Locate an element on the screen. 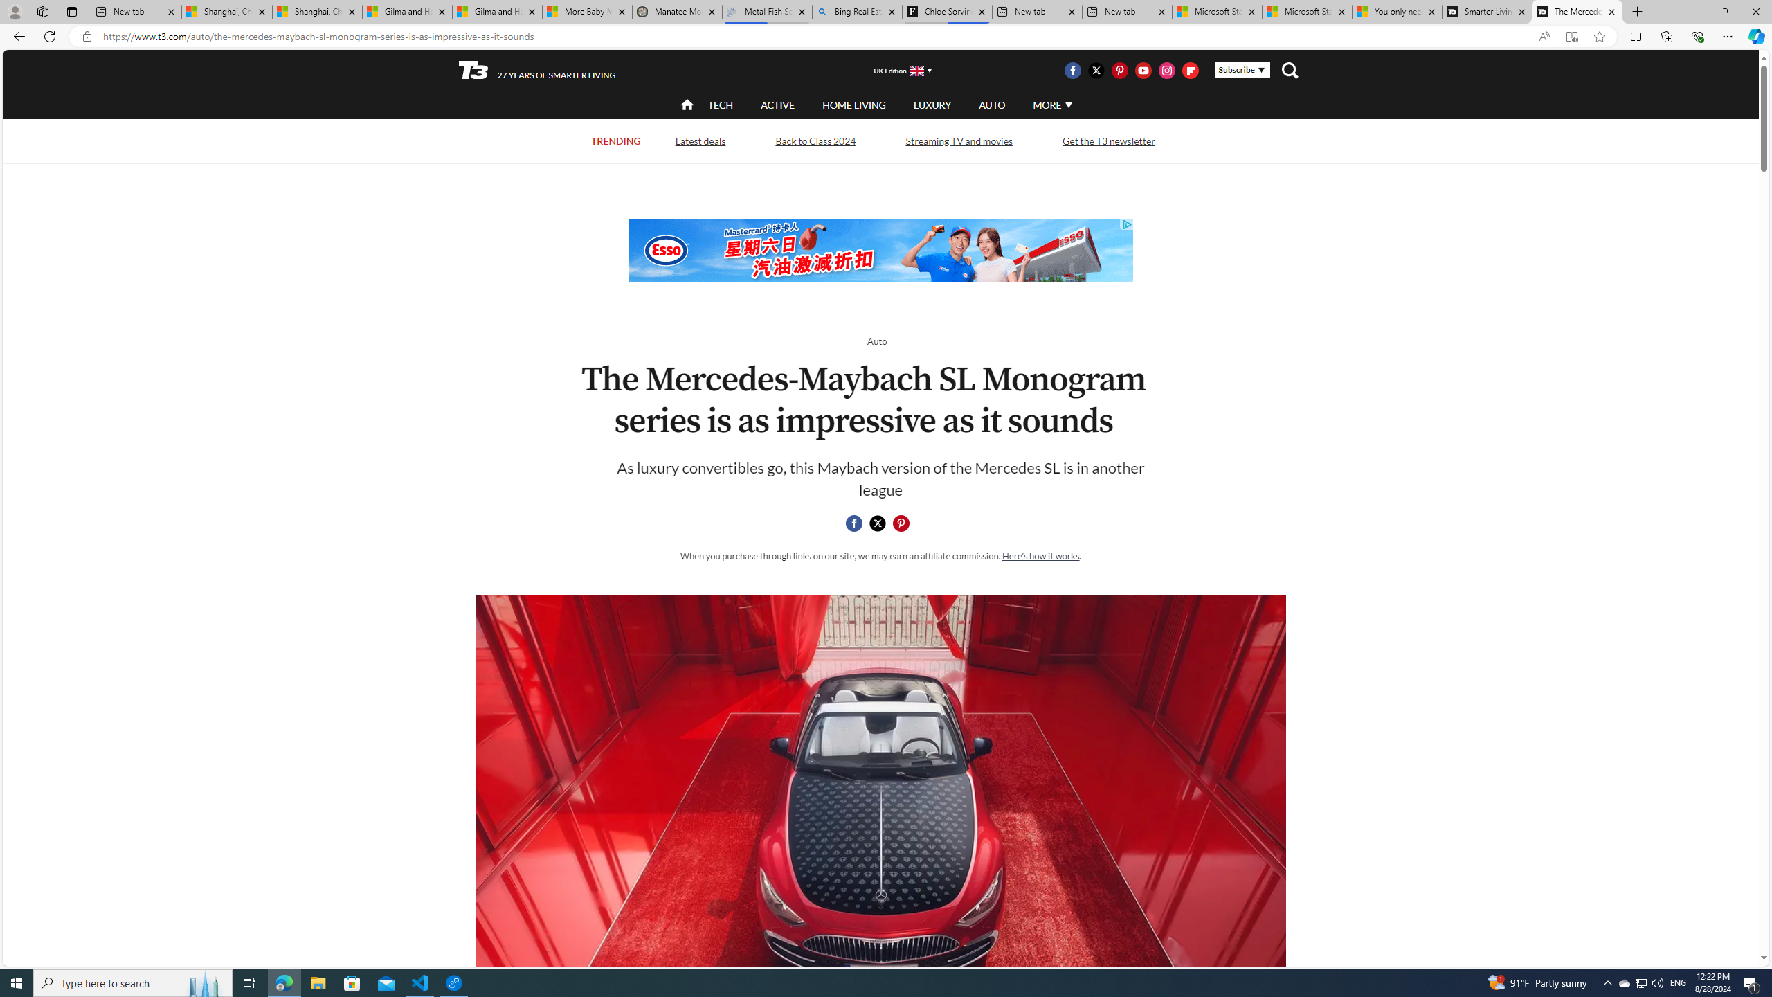  'Chloe Sorvino' is located at coordinates (946, 11).